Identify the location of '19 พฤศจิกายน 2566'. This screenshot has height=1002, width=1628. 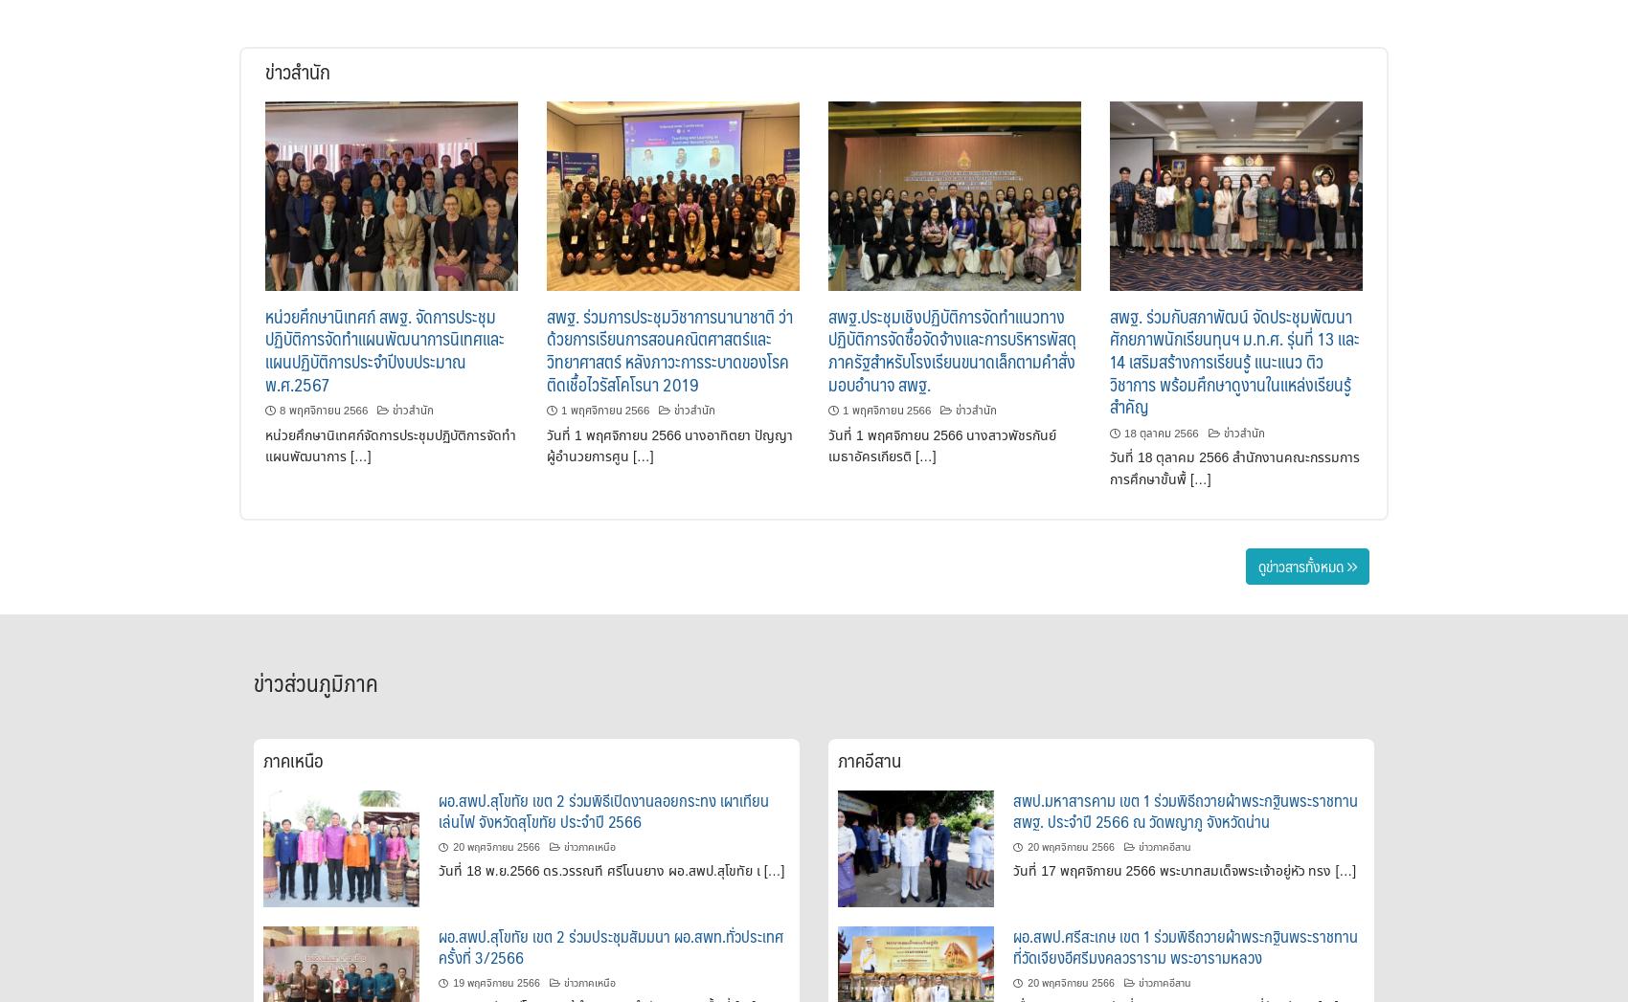
(495, 983).